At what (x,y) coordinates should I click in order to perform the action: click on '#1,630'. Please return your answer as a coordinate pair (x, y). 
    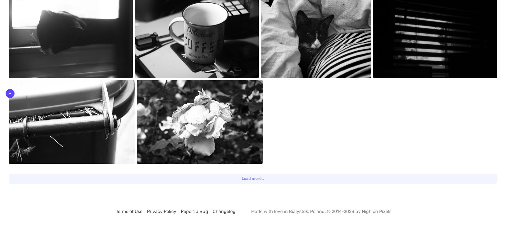
    Looking at the image, I should click on (380, 4).